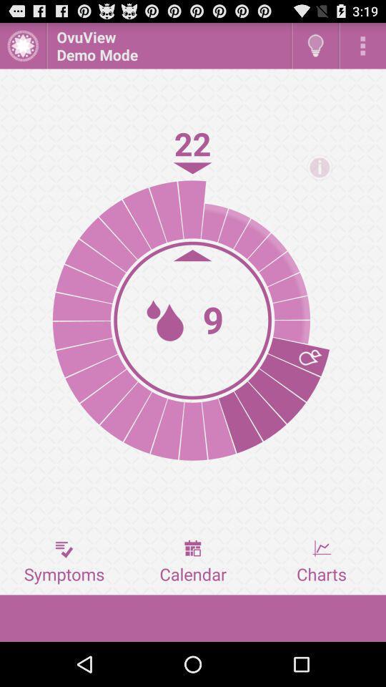  I want to click on the charts, so click(321, 562).